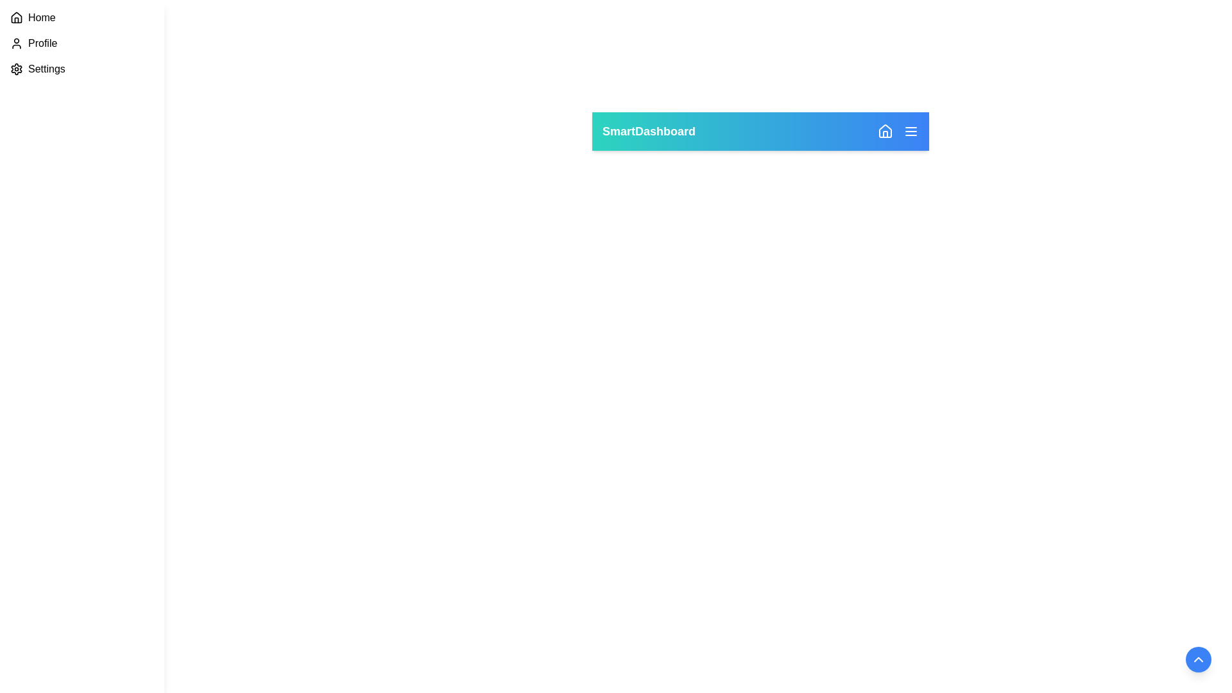 The width and height of the screenshot is (1232, 693). What do you see at coordinates (16, 69) in the screenshot?
I see `the gear-shaped icon in the sidebar menu next to the 'Settings' text` at bounding box center [16, 69].